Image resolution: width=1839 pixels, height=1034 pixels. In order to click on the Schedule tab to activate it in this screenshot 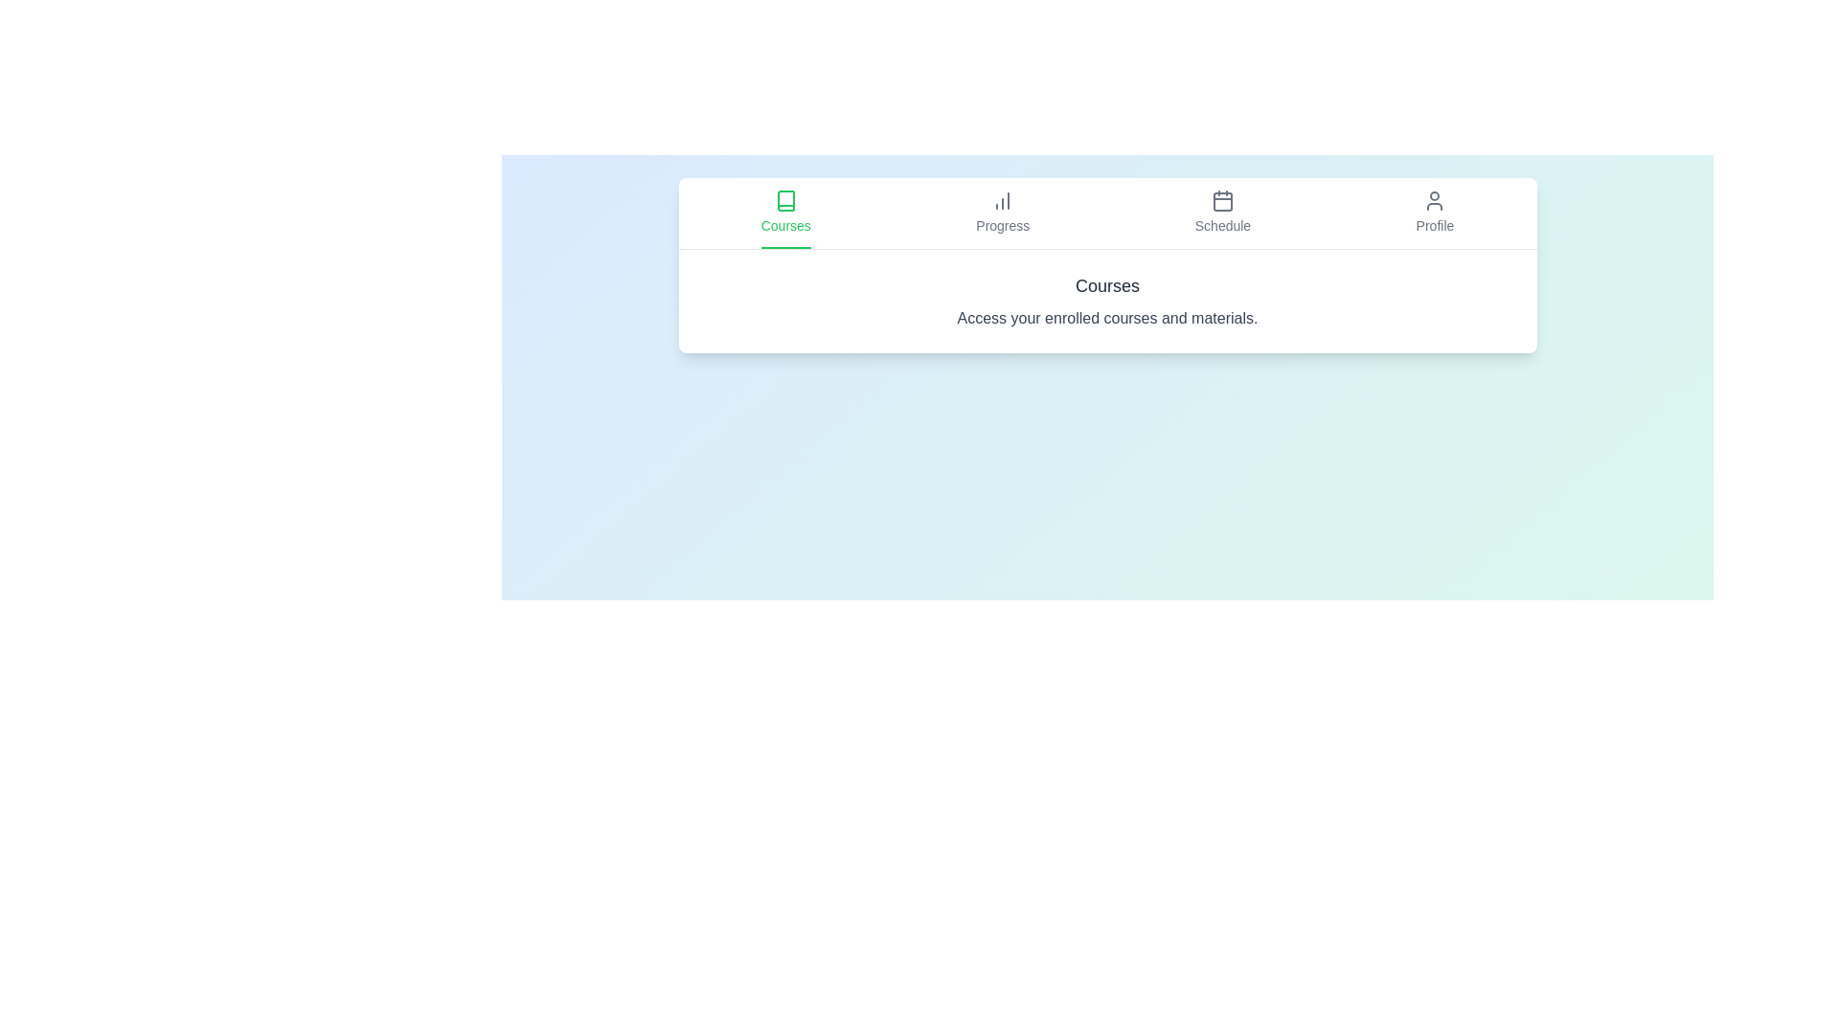, I will do `click(1221, 214)`.